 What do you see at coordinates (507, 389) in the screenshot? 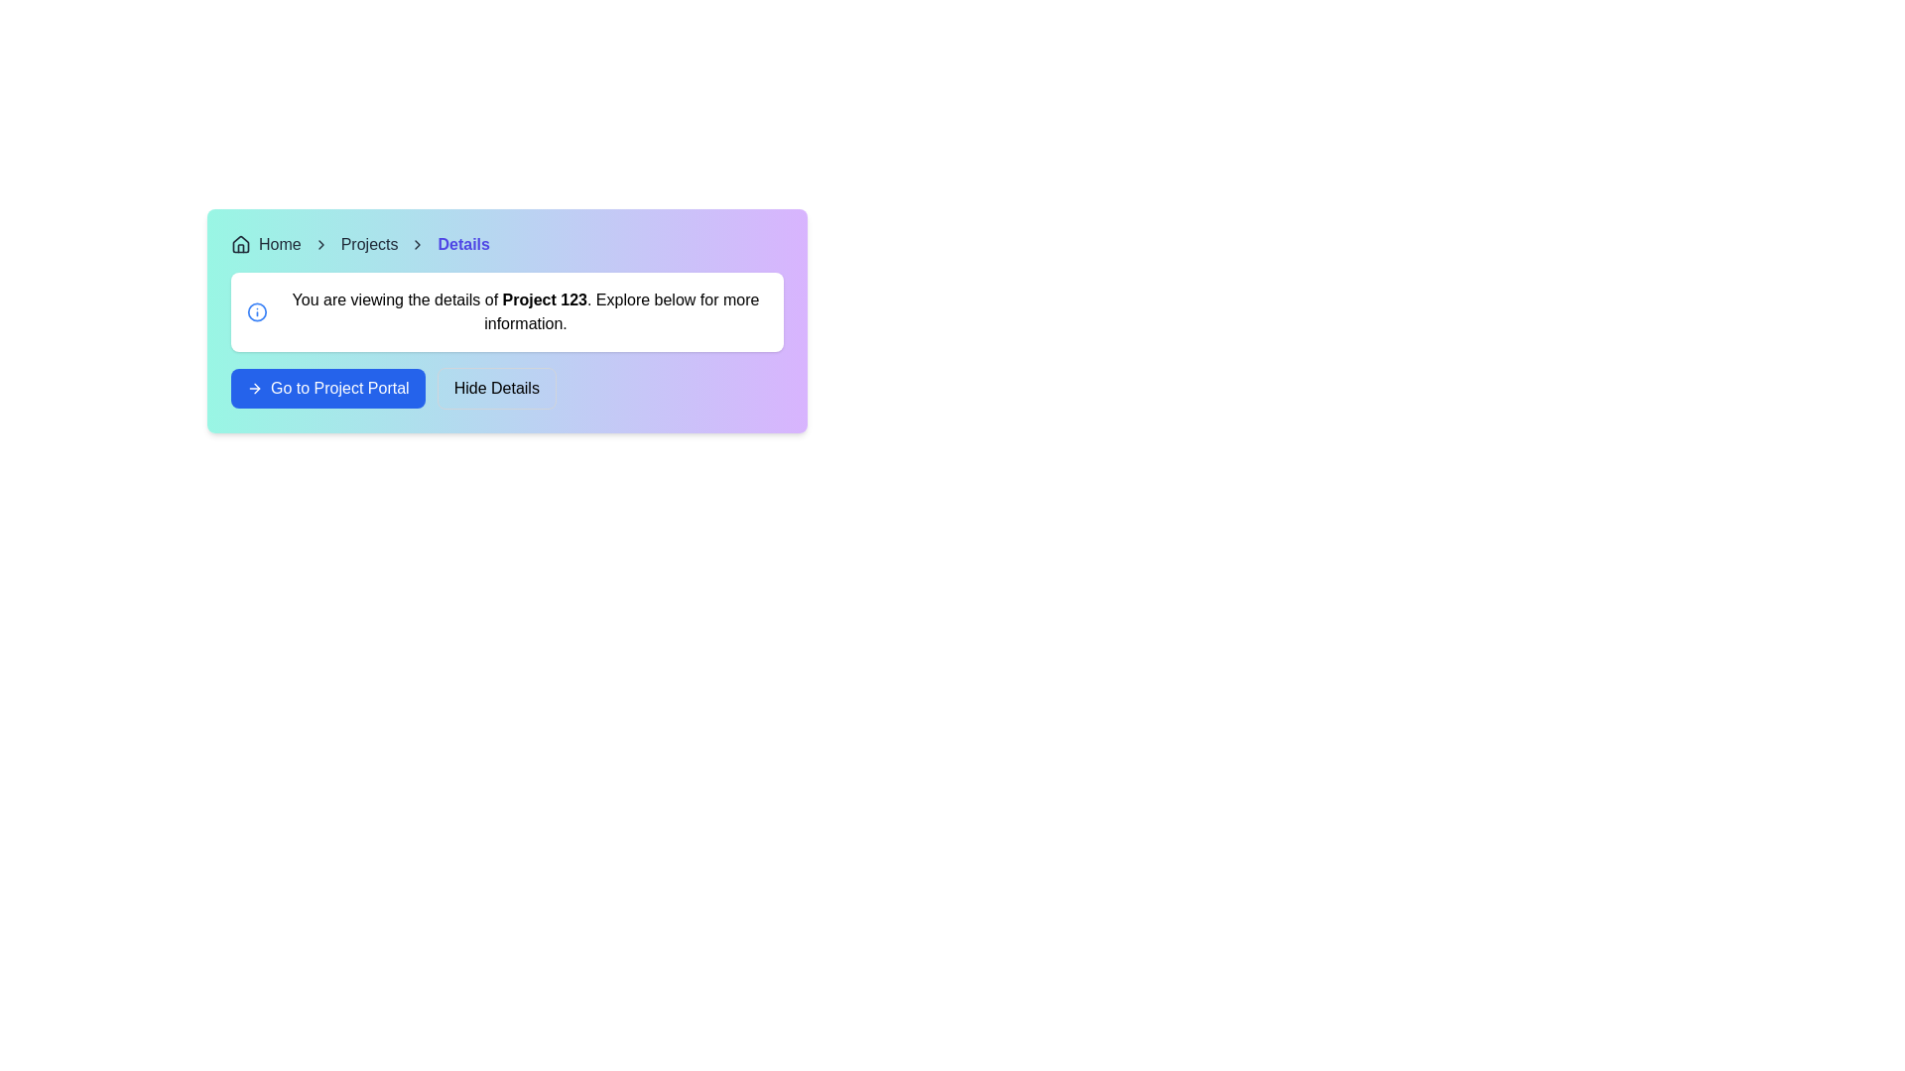
I see `the button that toggles visibility of additional details about 'Project 123', positioned immediately to the right of the 'Go to Project Portal' button` at bounding box center [507, 389].